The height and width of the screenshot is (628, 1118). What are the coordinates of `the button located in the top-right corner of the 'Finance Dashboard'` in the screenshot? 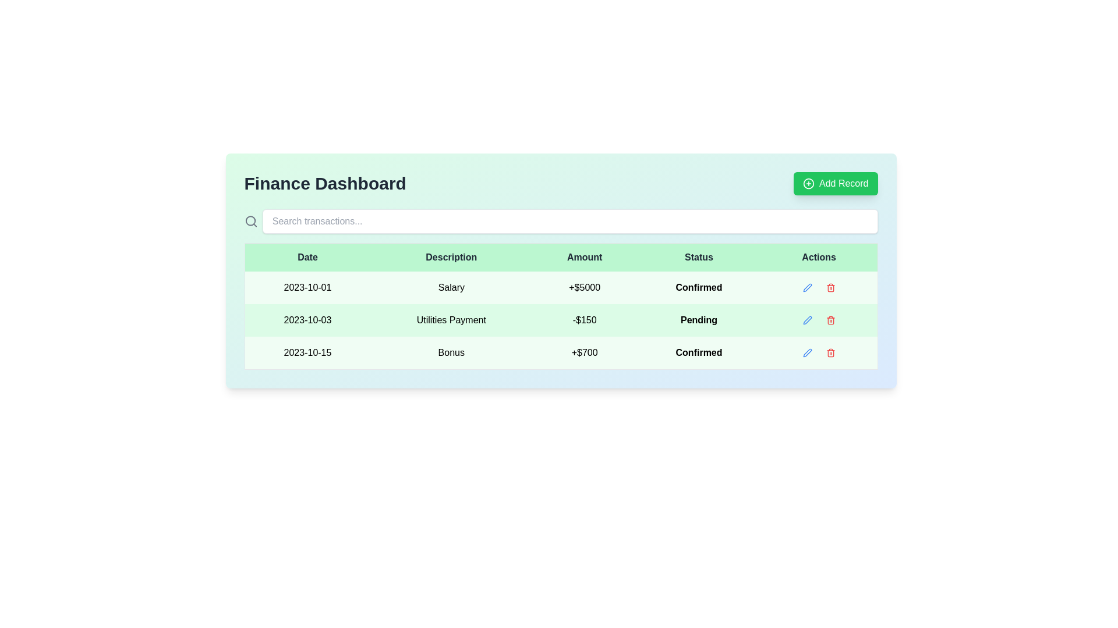 It's located at (835, 183).